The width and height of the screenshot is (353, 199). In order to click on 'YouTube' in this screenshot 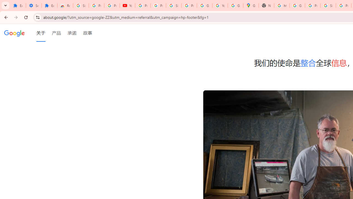, I will do `click(127, 6)`.